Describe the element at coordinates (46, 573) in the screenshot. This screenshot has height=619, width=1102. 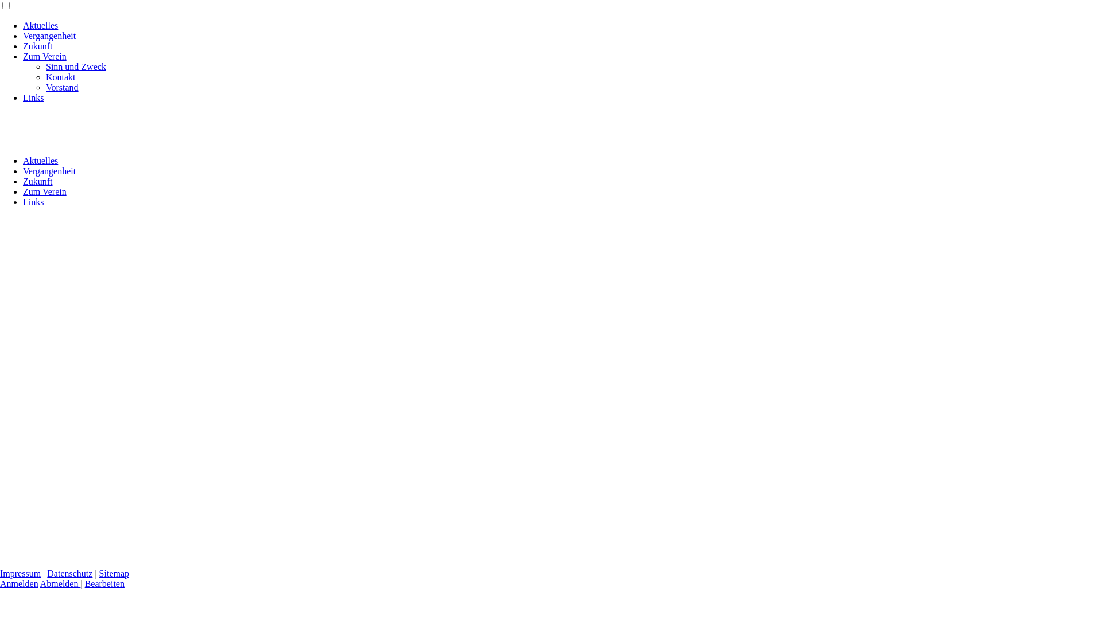
I see `'Datenschutz'` at that location.